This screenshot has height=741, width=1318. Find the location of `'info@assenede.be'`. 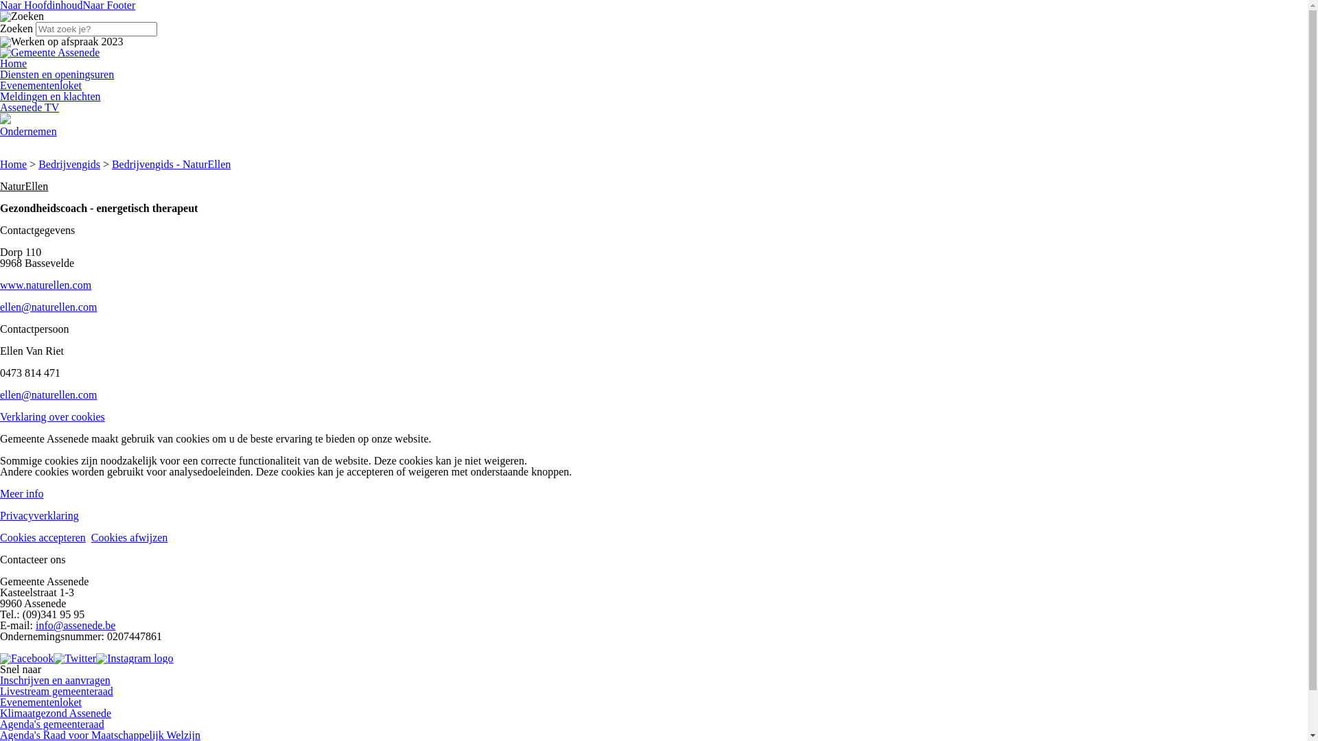

'info@assenede.be' is located at coordinates (75, 625).